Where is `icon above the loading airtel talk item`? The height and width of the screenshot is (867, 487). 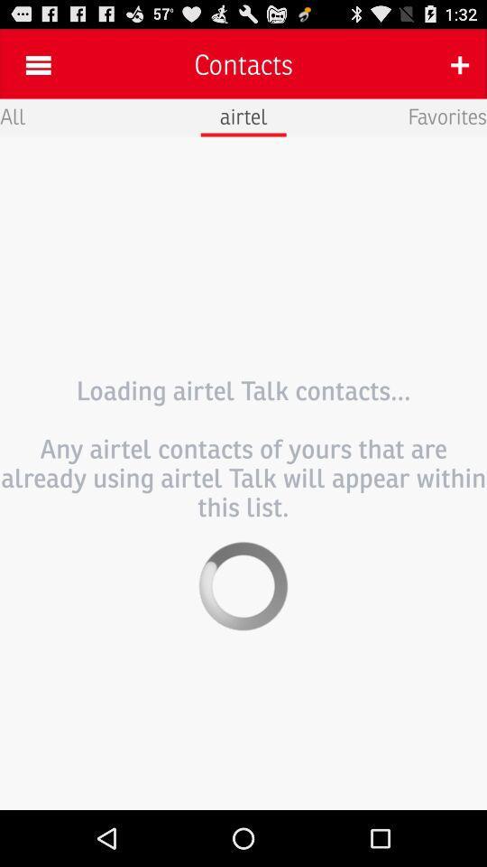 icon above the loading airtel talk item is located at coordinates (446, 115).